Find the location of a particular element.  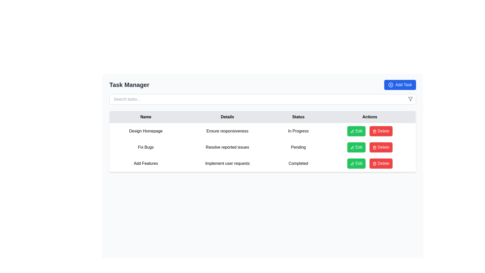

the button group containing the 'Edit' and 'Delete' buttons in the 'Actions' column of the 'Task Manager' for the task 'Design Homepage' is located at coordinates (370, 131).